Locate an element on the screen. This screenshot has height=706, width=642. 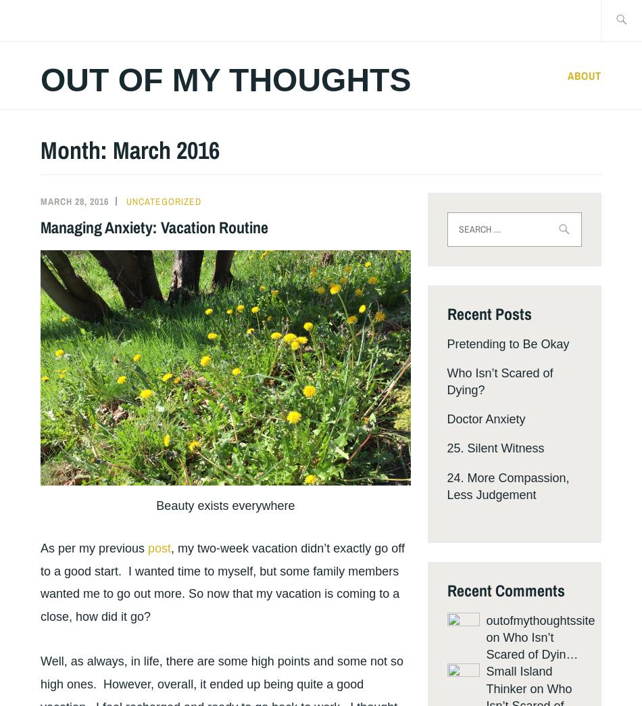
'Uncategorized' is located at coordinates (163, 200).